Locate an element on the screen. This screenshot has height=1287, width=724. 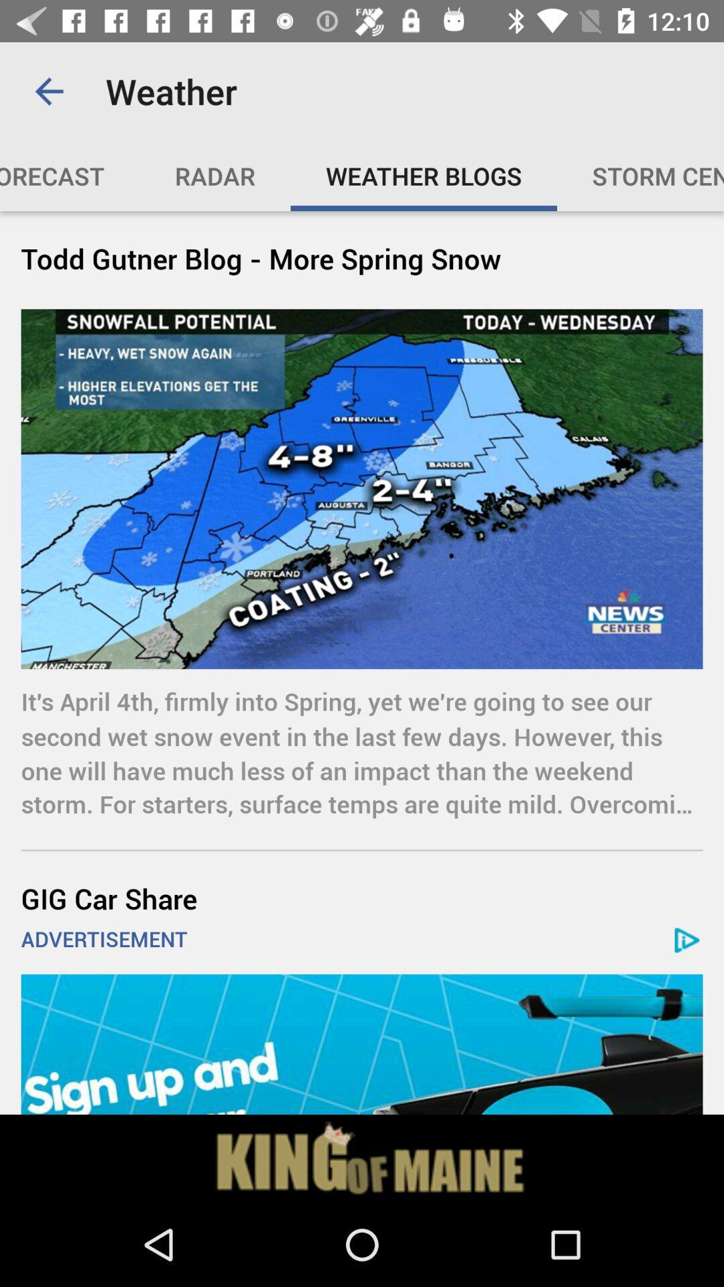
icon to the left of the weather app is located at coordinates (48, 90).